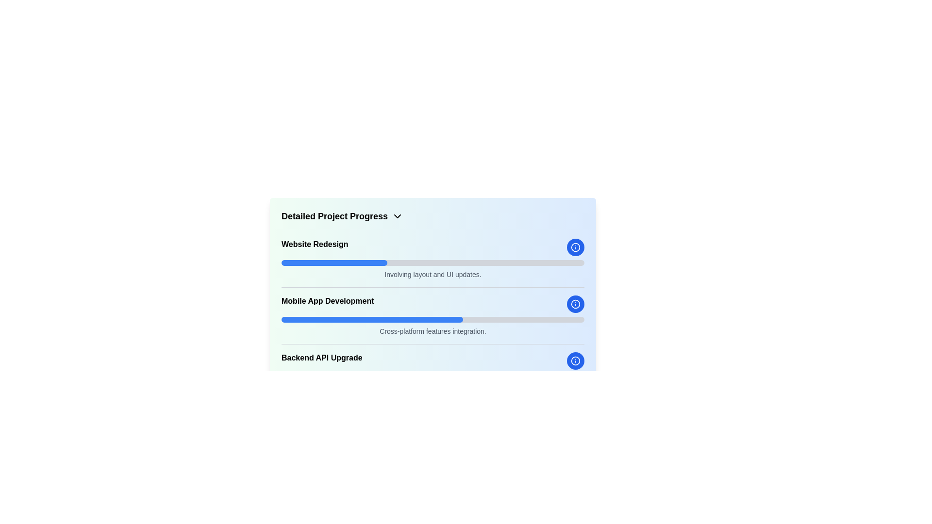  Describe the element at coordinates (548, 320) in the screenshot. I see `progress bar value` at that location.